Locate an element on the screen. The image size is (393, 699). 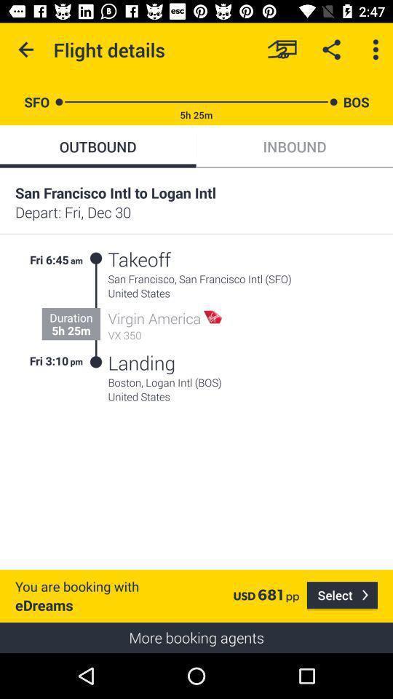
the am icon is located at coordinates (77, 258).